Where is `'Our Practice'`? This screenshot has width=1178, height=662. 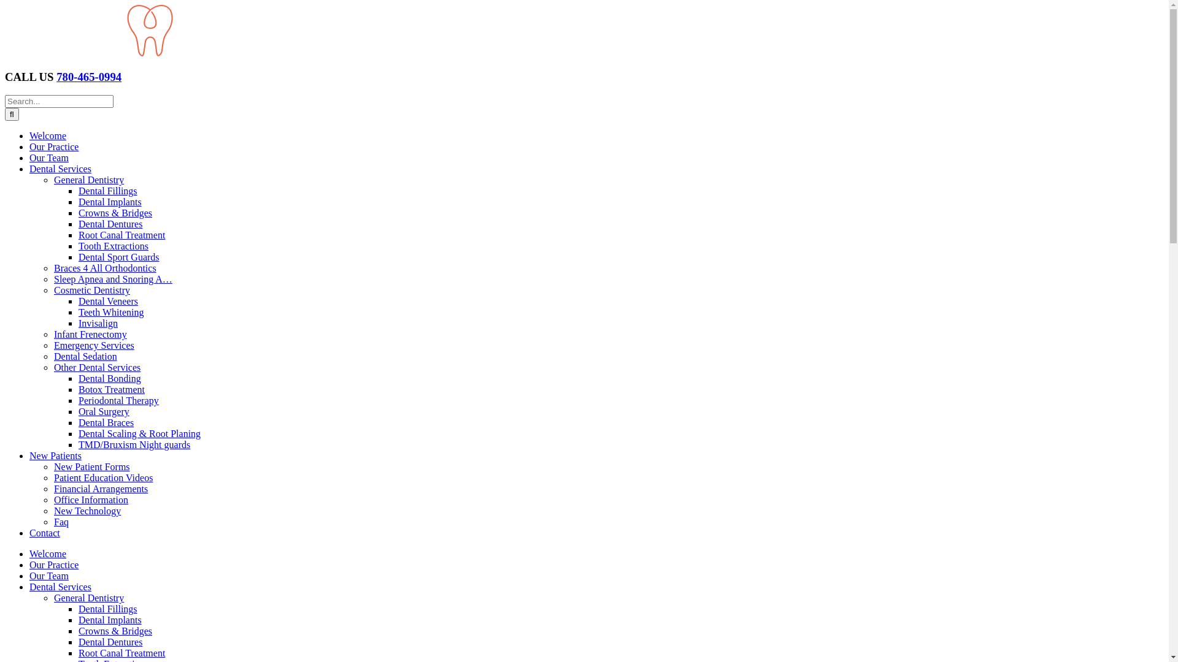 'Our Practice' is located at coordinates (53, 565).